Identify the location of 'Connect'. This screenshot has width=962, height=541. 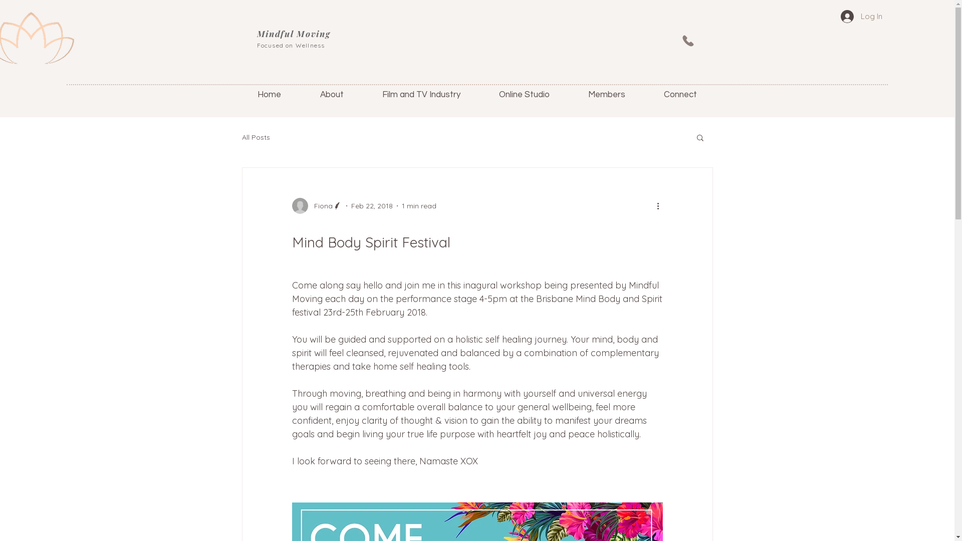
(680, 95).